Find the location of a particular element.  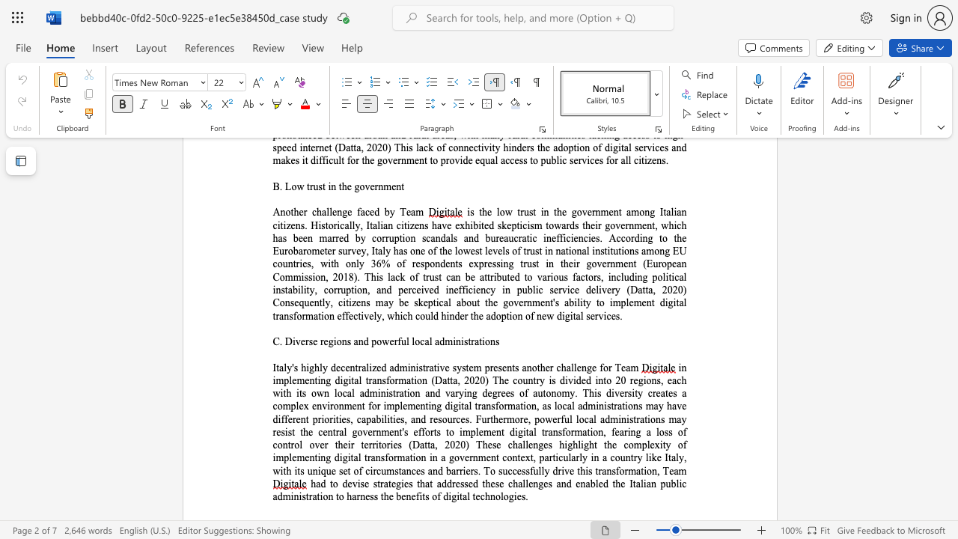

the subset text "ul local admini" within the text "C. Diverse regions and powerful local administrations" is located at coordinates (400, 341).